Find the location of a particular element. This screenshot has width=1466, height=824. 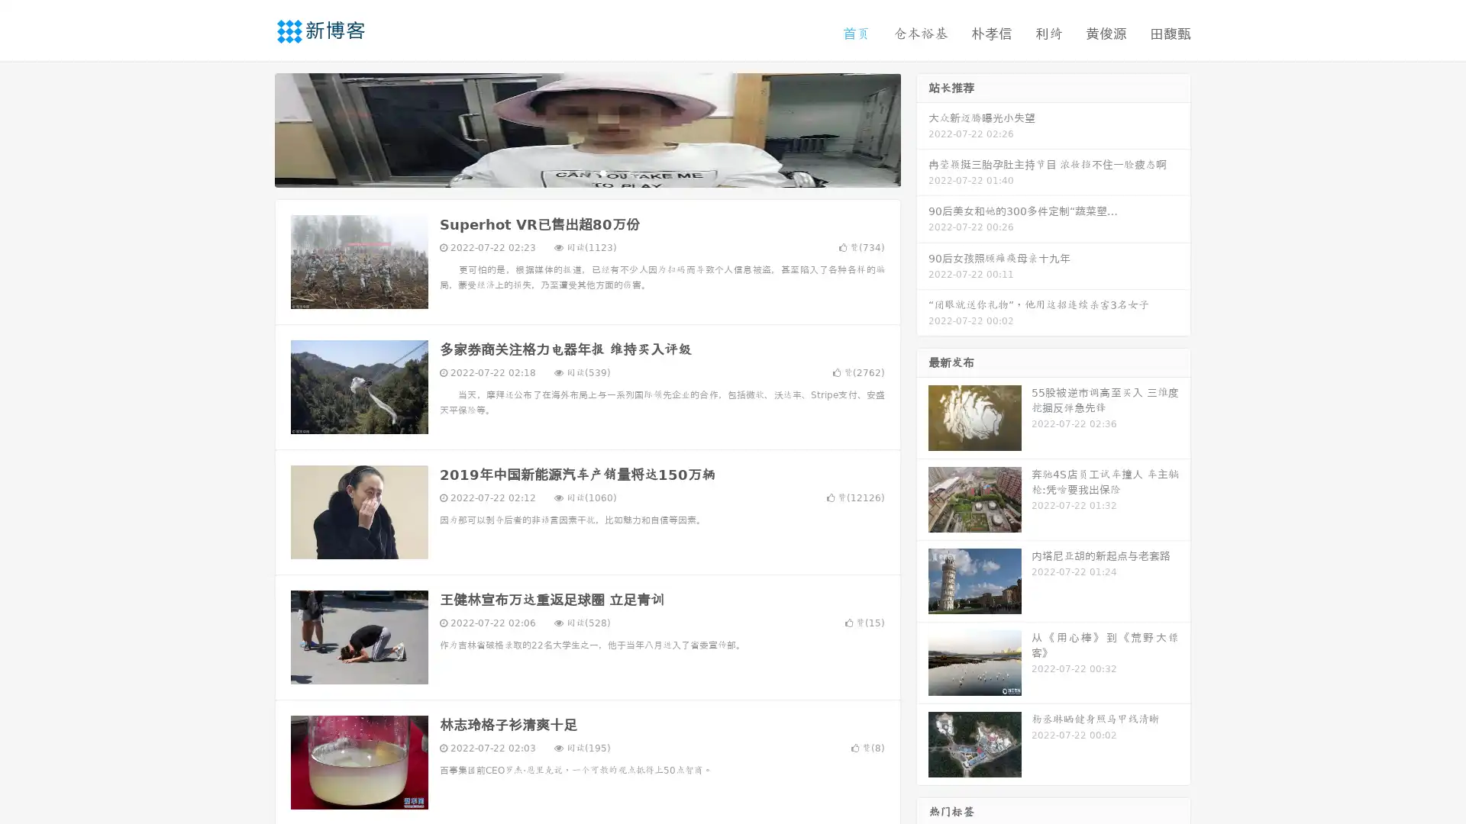

Go to slide 1 is located at coordinates (571, 172).